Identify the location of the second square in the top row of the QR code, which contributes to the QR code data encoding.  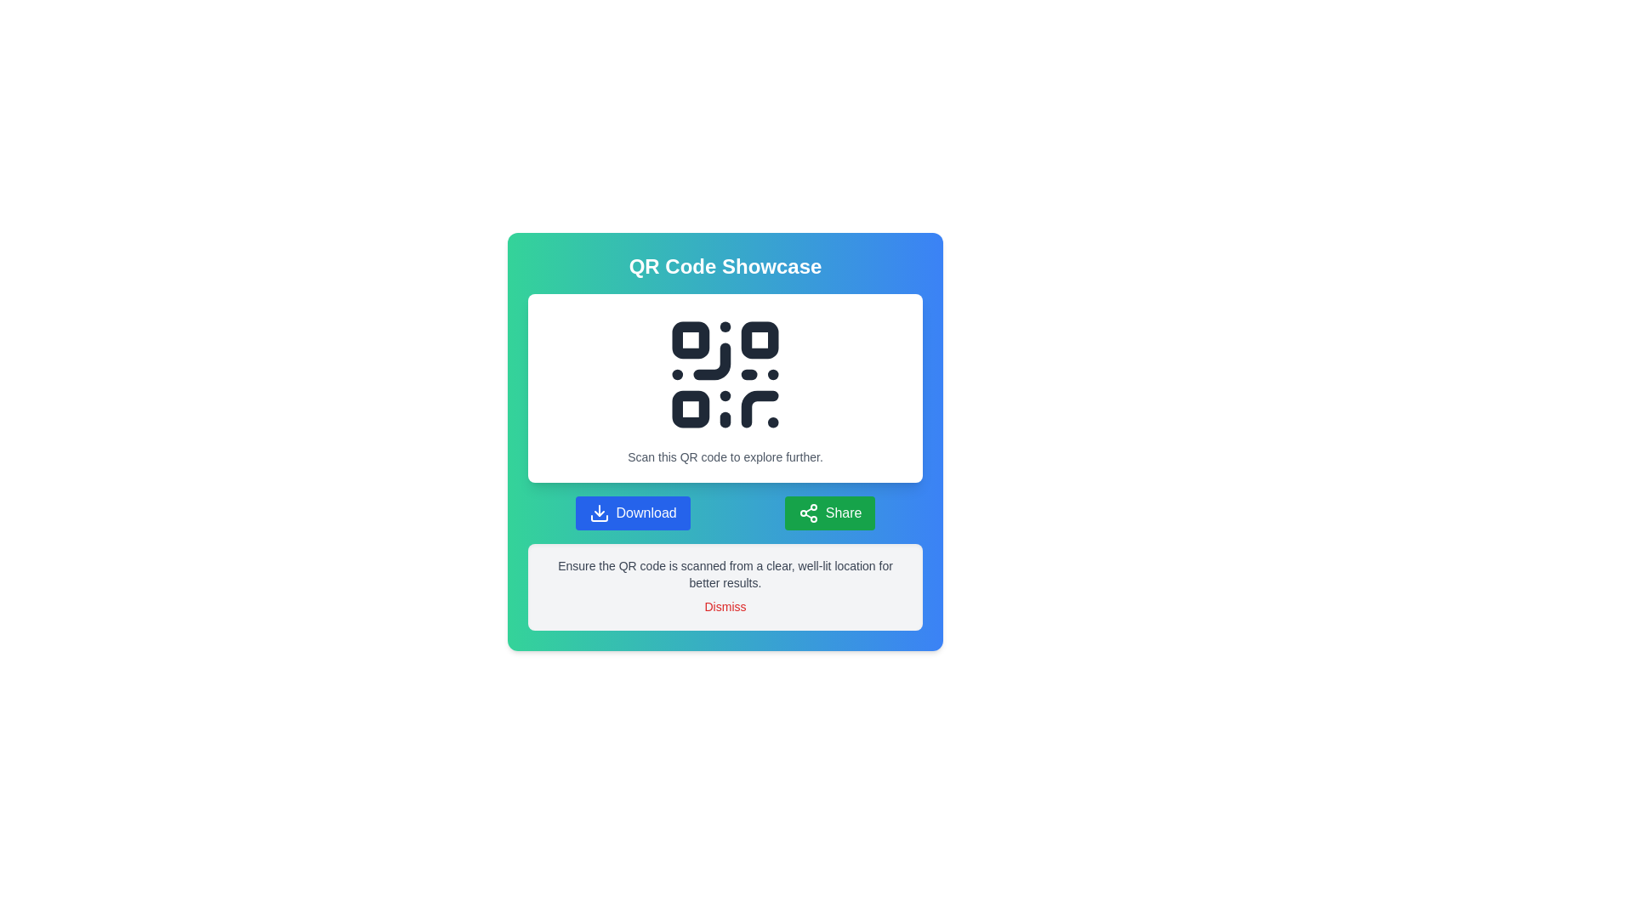
(759, 340).